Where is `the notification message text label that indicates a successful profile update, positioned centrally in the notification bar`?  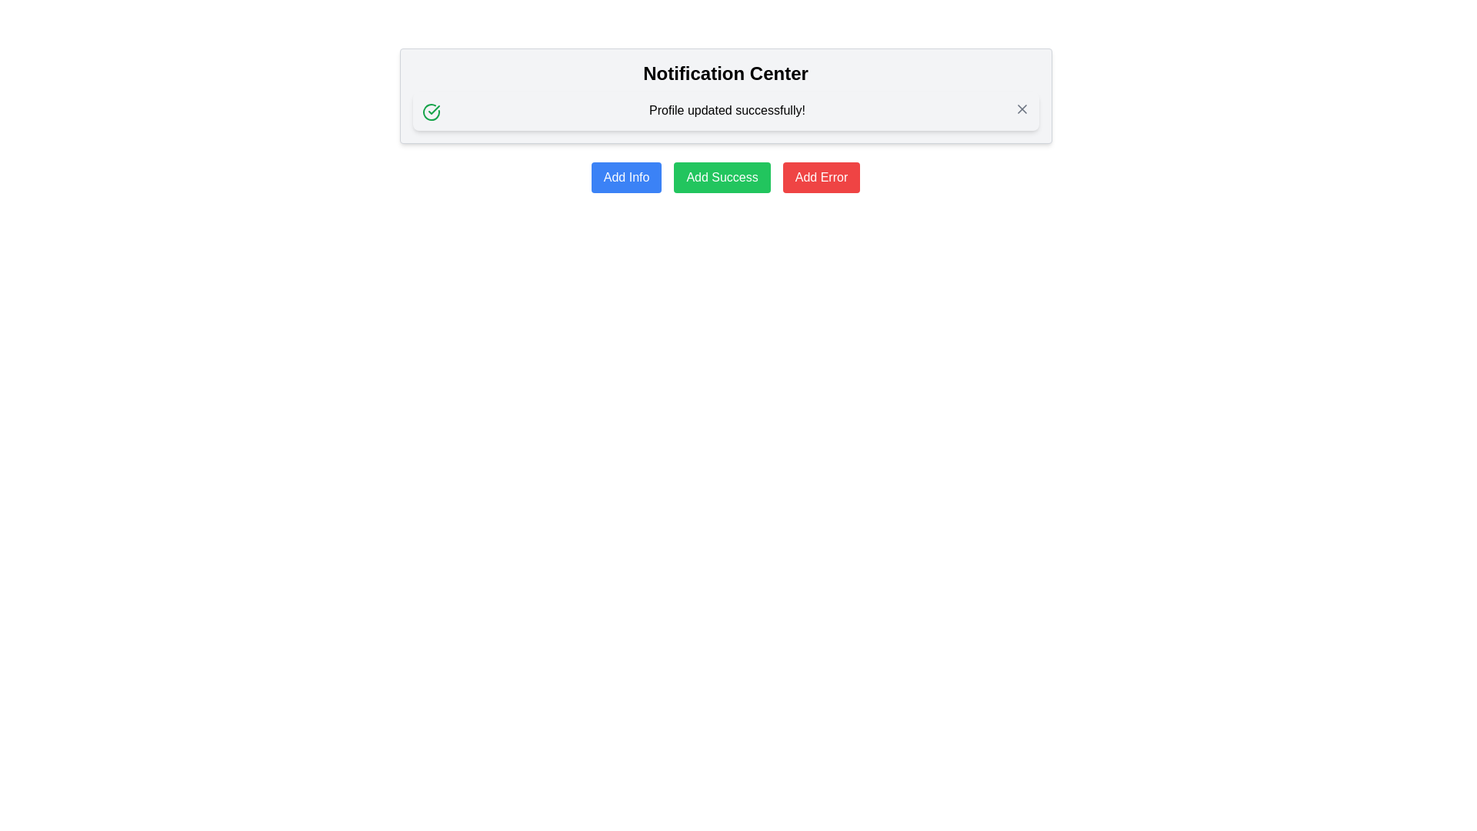
the notification message text label that indicates a successful profile update, positioned centrally in the notification bar is located at coordinates (726, 109).